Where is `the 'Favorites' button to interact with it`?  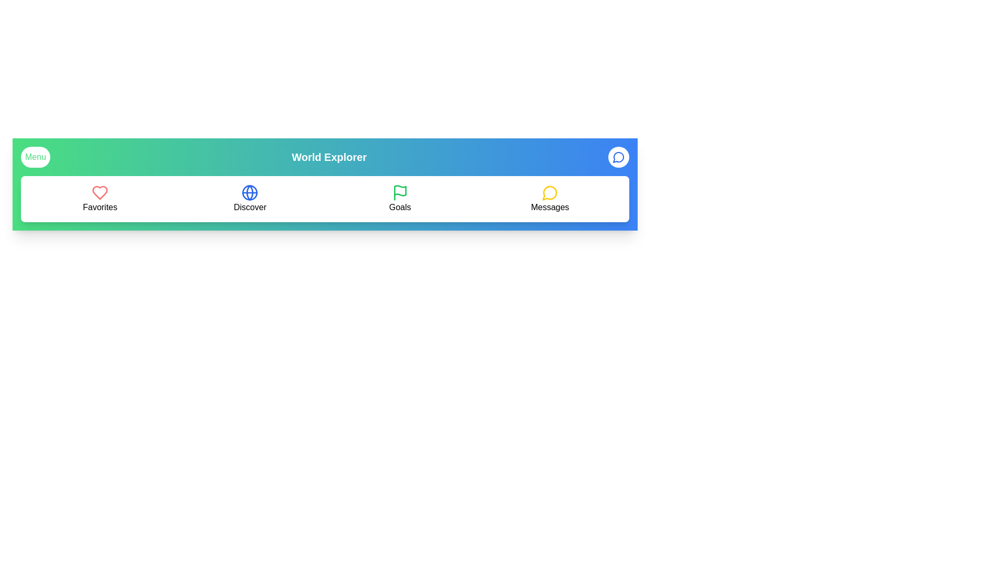
the 'Favorites' button to interact with it is located at coordinates (100, 199).